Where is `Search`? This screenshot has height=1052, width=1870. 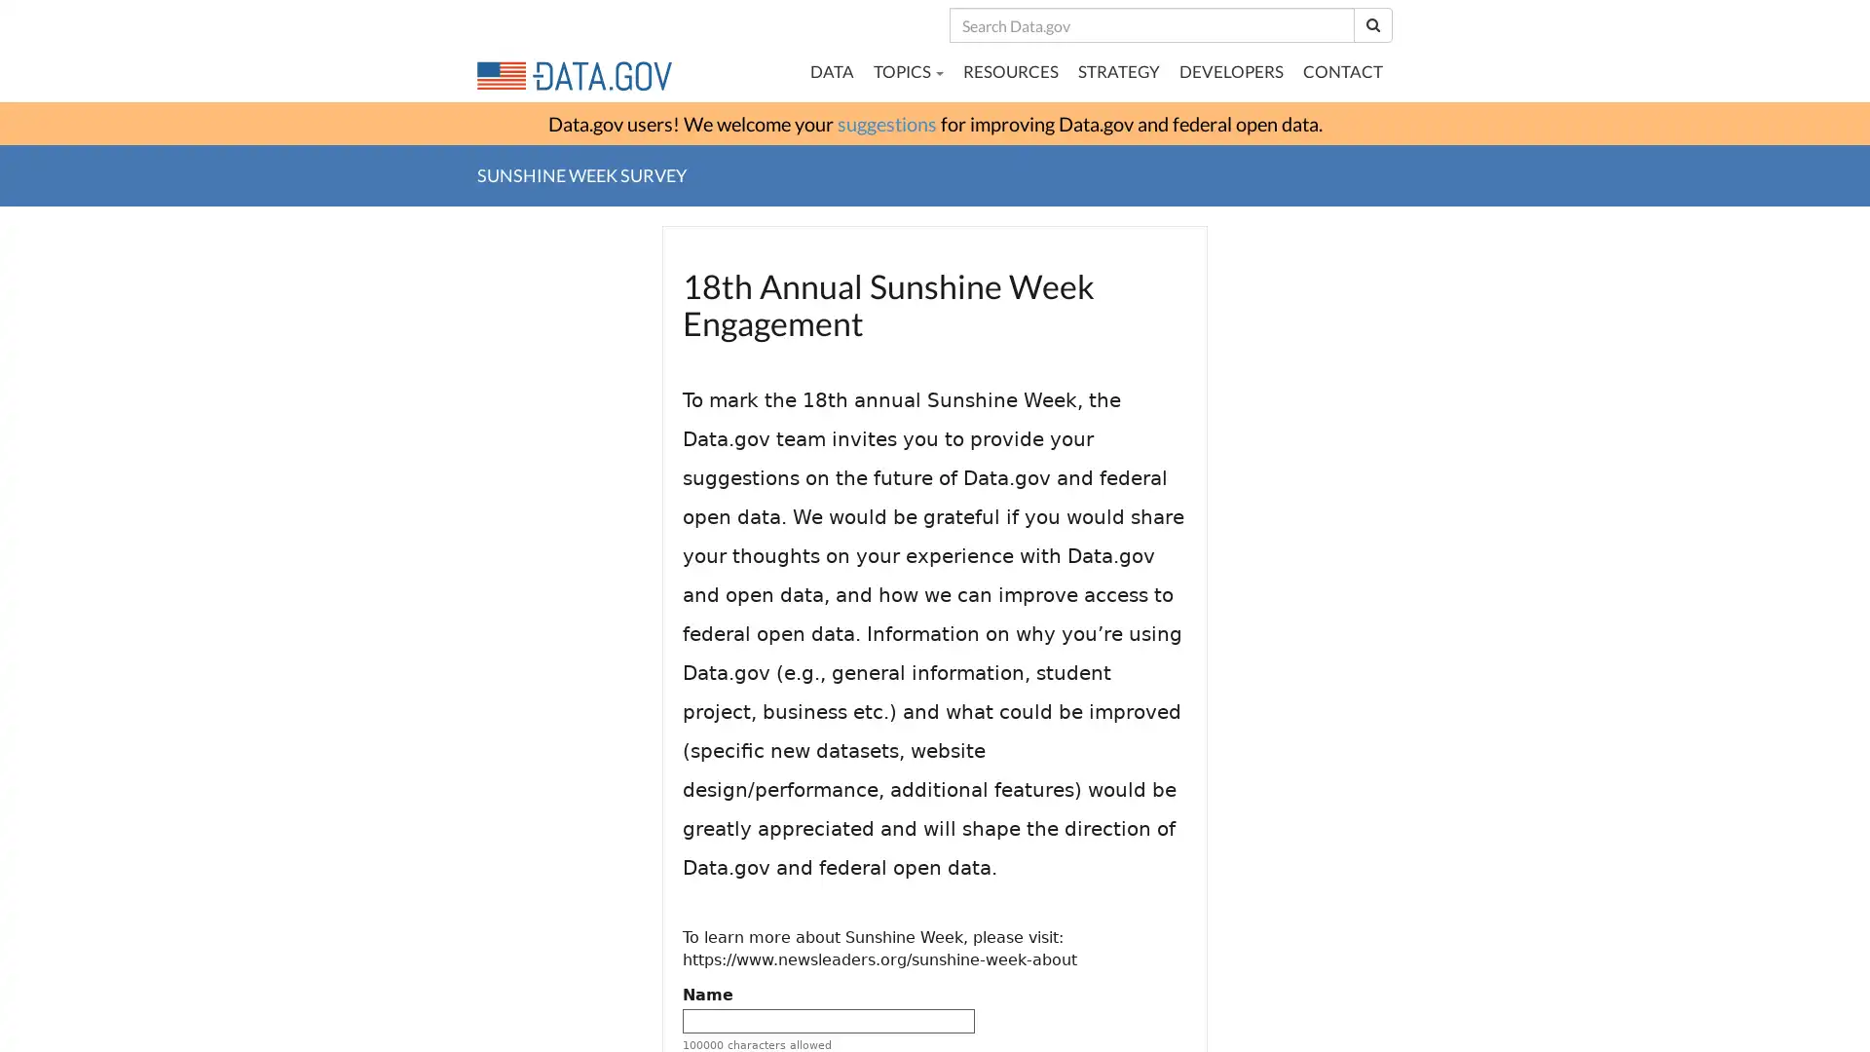
Search is located at coordinates (1372, 24).